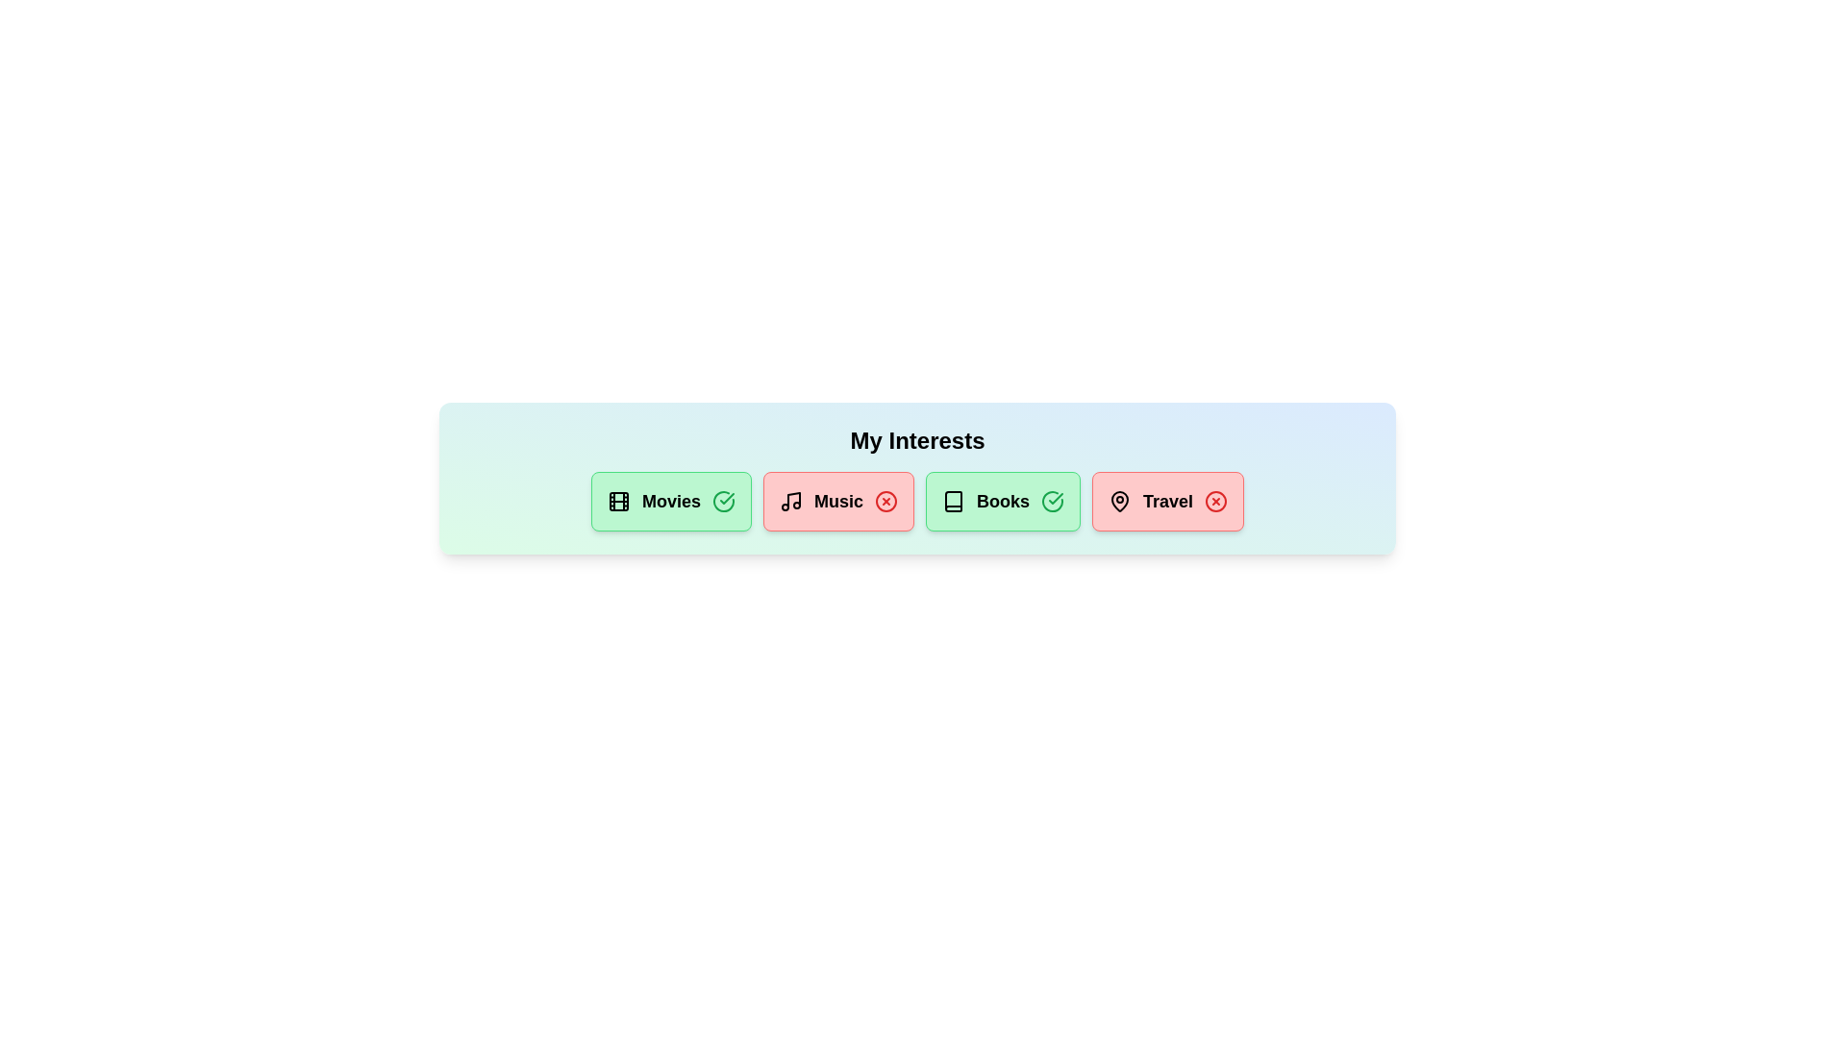 This screenshot has height=1038, width=1846. I want to click on the chip labeled 'Music' to observe the hover effect, so click(838, 500).